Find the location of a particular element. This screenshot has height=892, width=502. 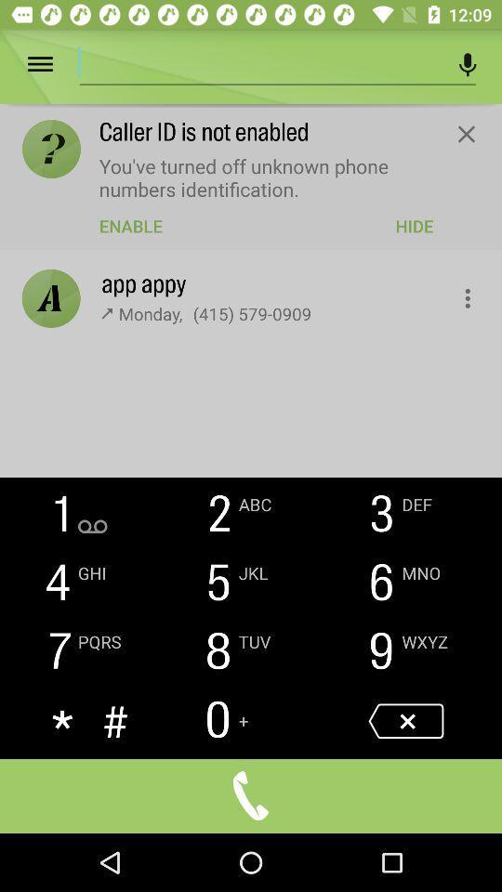

more options is located at coordinates (456, 294).